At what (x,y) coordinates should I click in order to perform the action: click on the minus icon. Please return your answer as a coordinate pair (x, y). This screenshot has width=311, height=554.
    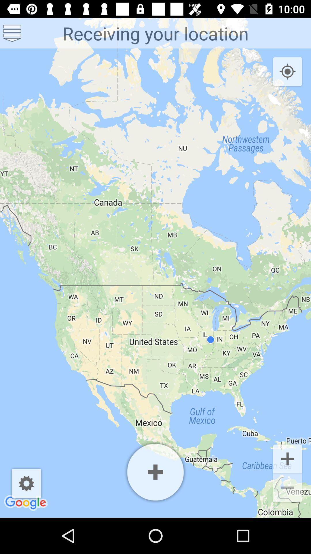
    Looking at the image, I should click on (287, 488).